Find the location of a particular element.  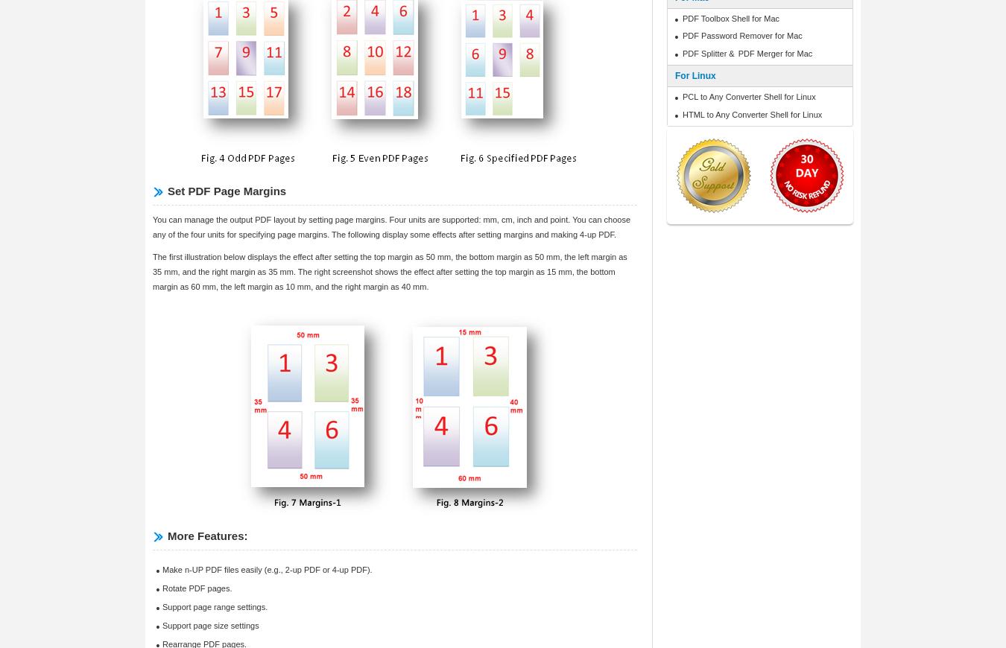

'The first illustration below displays  the effect after setting the top margin as 50 mm, the bottom margin as 50 mm, the  left margin as 35 mm, and the right margin as 35 mm. The right screenshot shows  the effect after setting the top margin as 15 mm, the bottom margin as 60 mm,  the left margin as 10 mm, and the right margin as 40 mm.' is located at coordinates (388, 271).